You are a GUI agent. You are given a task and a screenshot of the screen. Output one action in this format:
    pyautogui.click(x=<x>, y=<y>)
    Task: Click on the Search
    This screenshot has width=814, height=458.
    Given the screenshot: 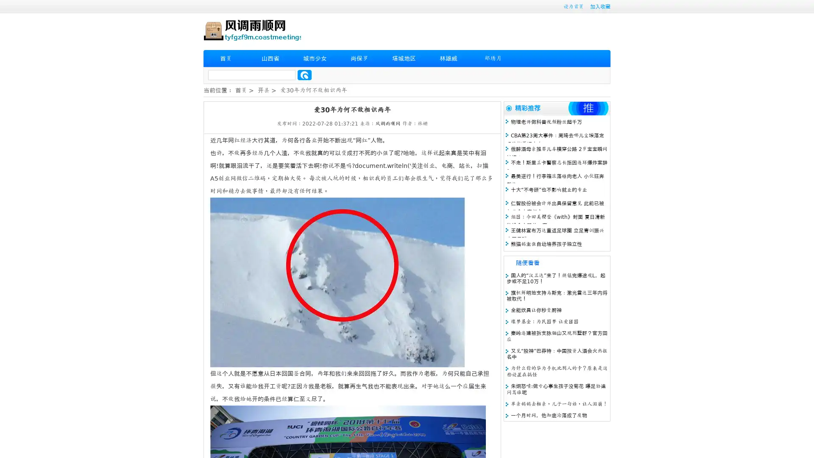 What is the action you would take?
    pyautogui.click(x=304, y=75)
    